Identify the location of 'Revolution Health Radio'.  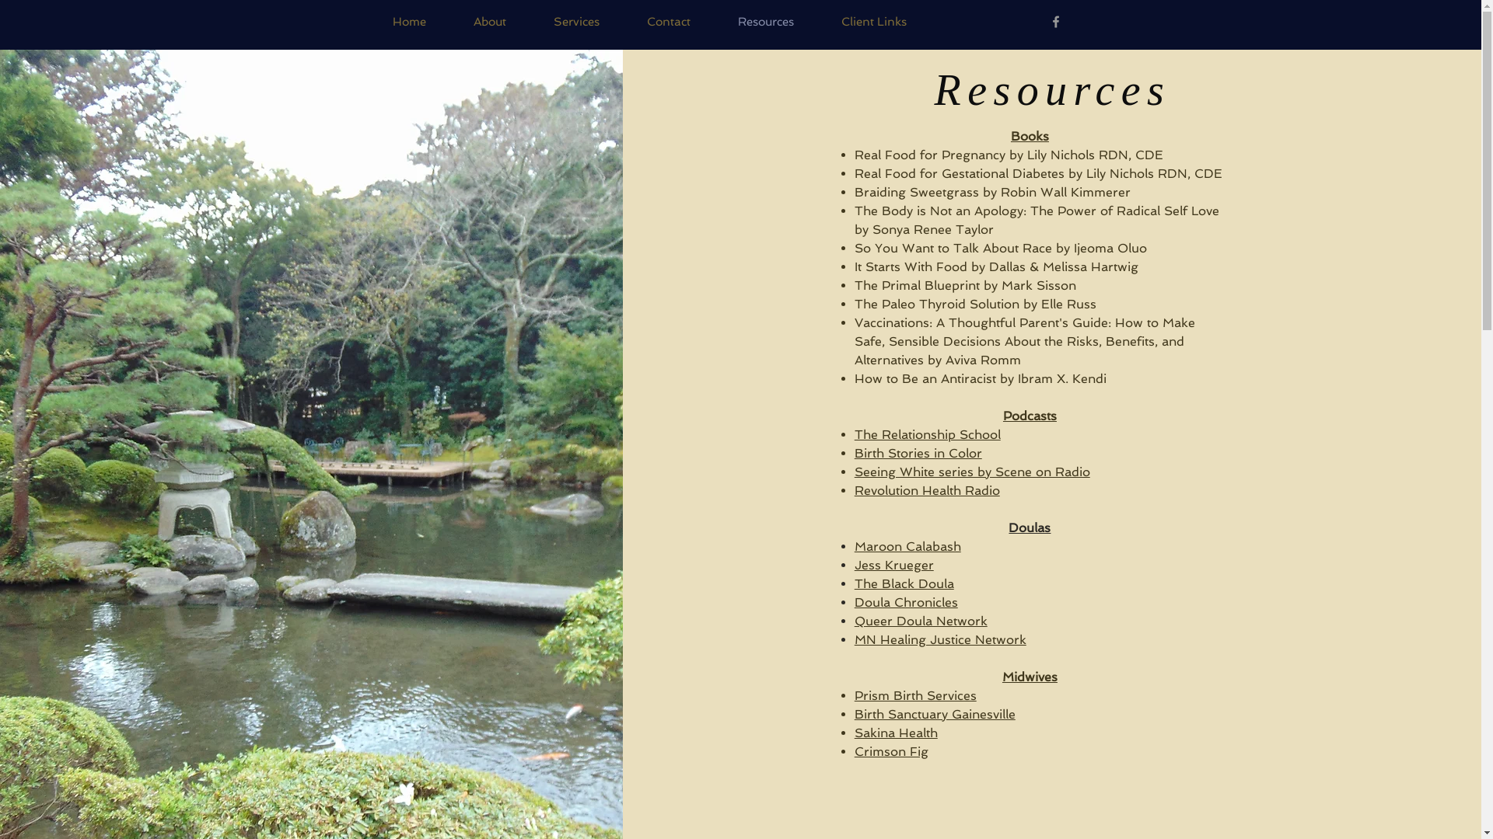
(927, 490).